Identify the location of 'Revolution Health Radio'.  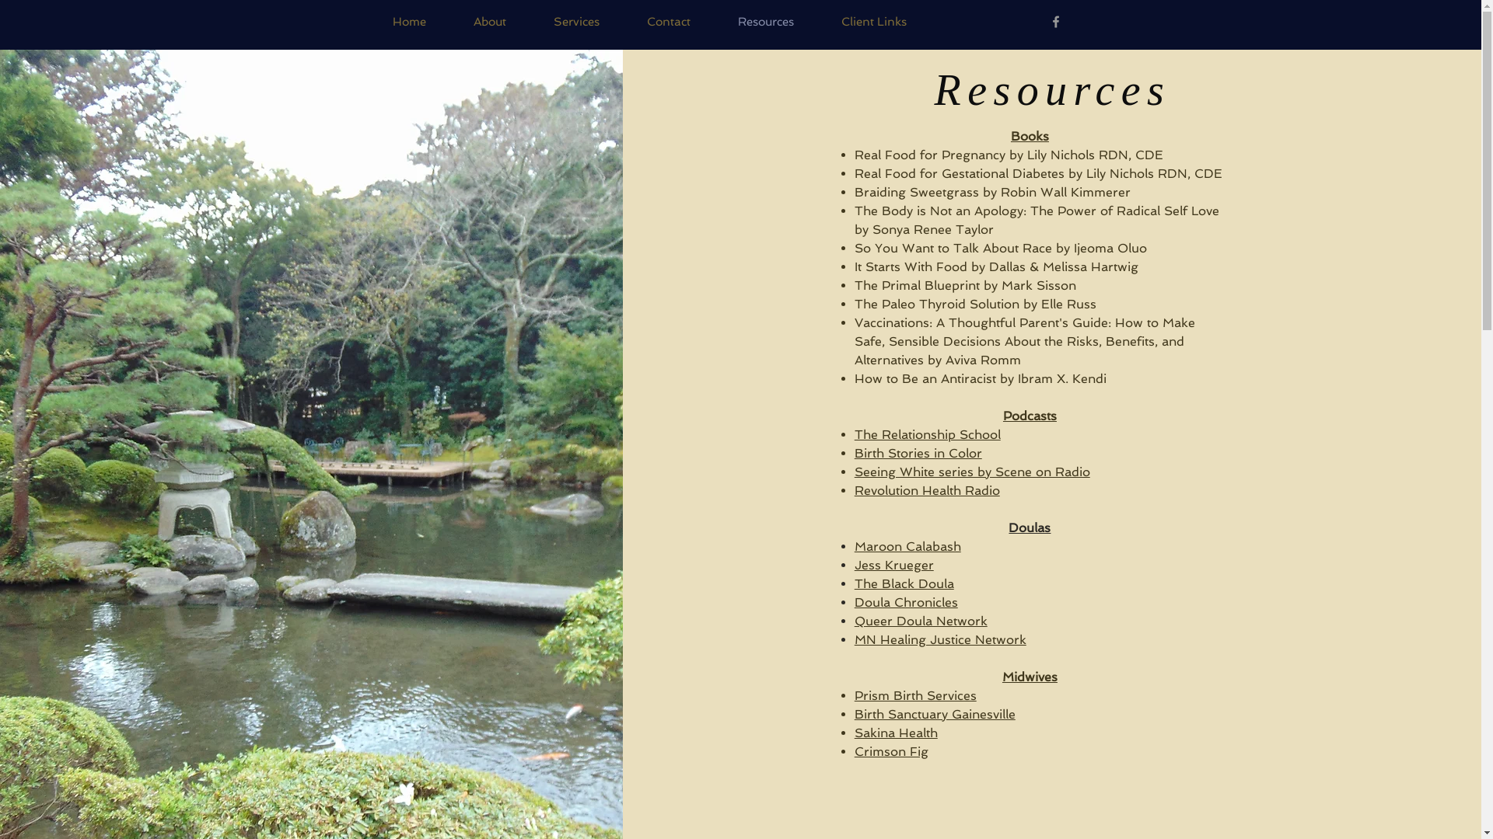
(927, 490).